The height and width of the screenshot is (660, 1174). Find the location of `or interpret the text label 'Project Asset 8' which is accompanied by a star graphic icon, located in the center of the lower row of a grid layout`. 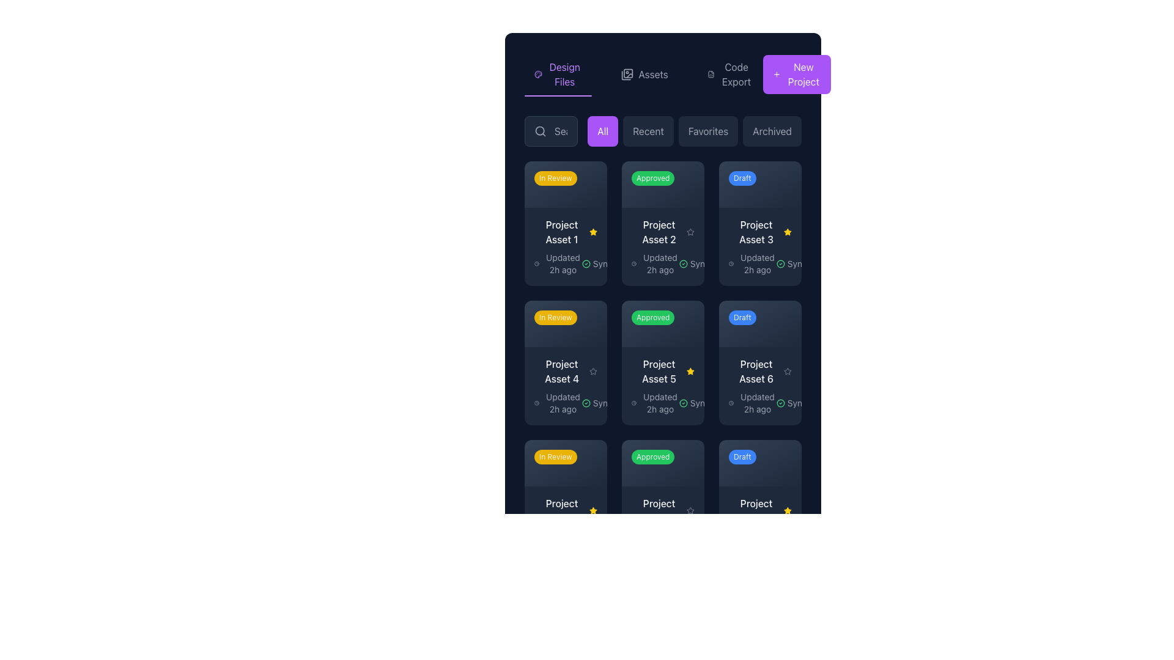

or interpret the text label 'Project Asset 8' which is accompanied by a star graphic icon, located in the center of the lower row of a grid layout is located at coordinates (662, 510).